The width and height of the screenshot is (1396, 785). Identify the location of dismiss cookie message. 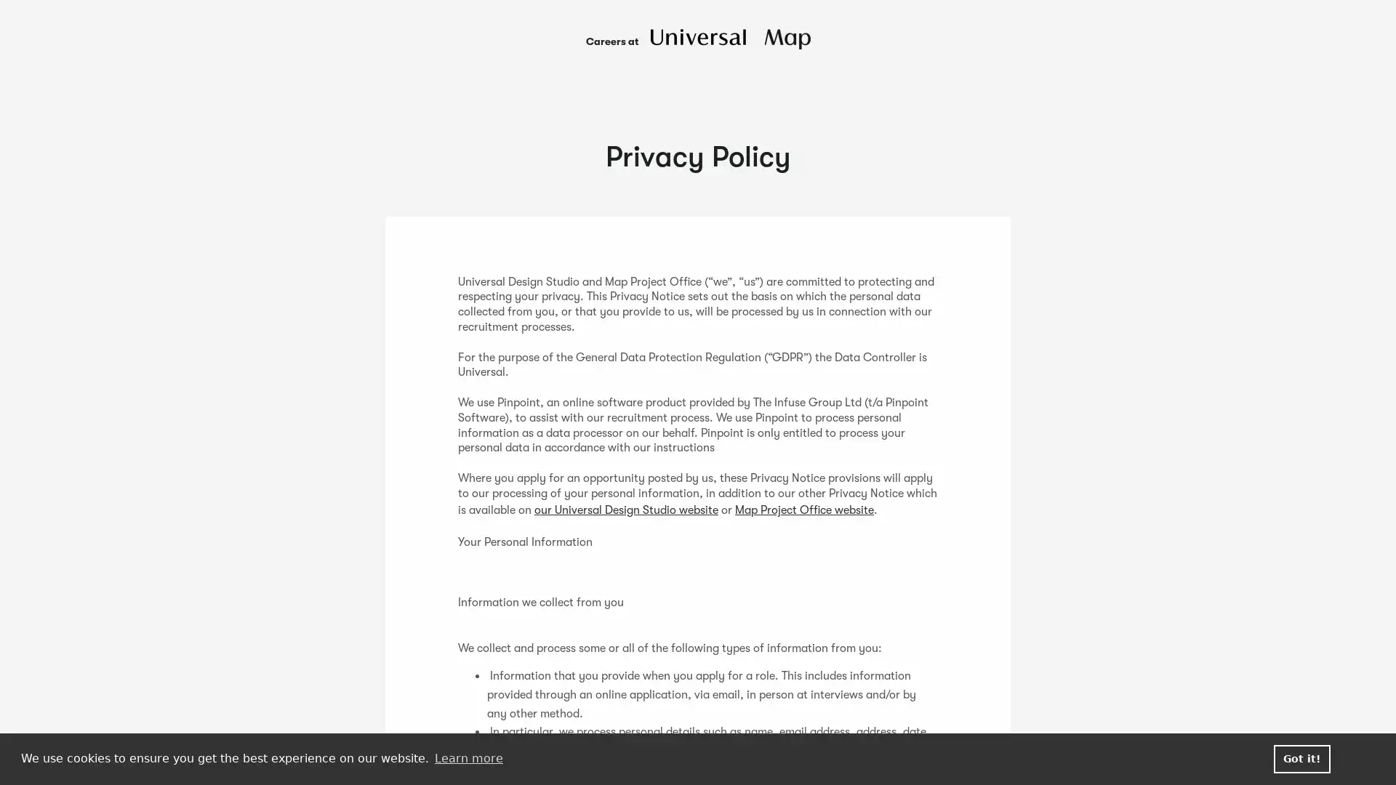
(1301, 758).